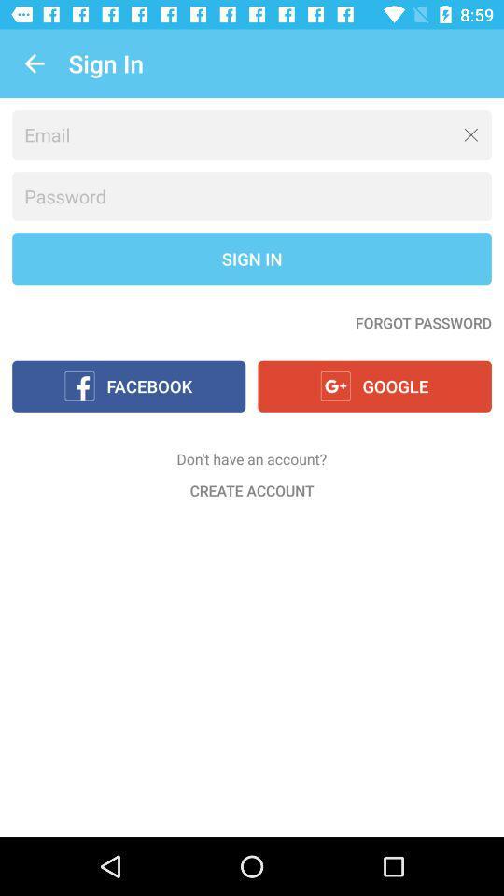 This screenshot has height=896, width=504. What do you see at coordinates (252, 196) in the screenshot?
I see `put in password` at bounding box center [252, 196].